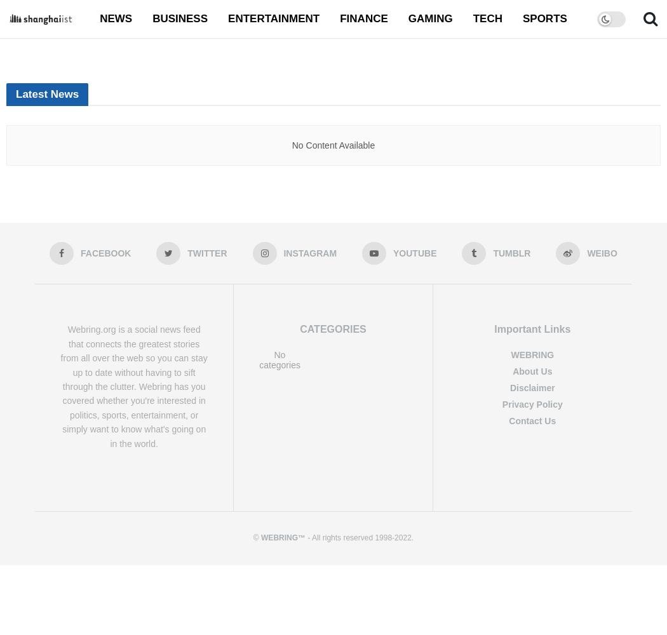 The width and height of the screenshot is (667, 635). I want to click on '- All rights reserved 1998-2022.', so click(358, 537).